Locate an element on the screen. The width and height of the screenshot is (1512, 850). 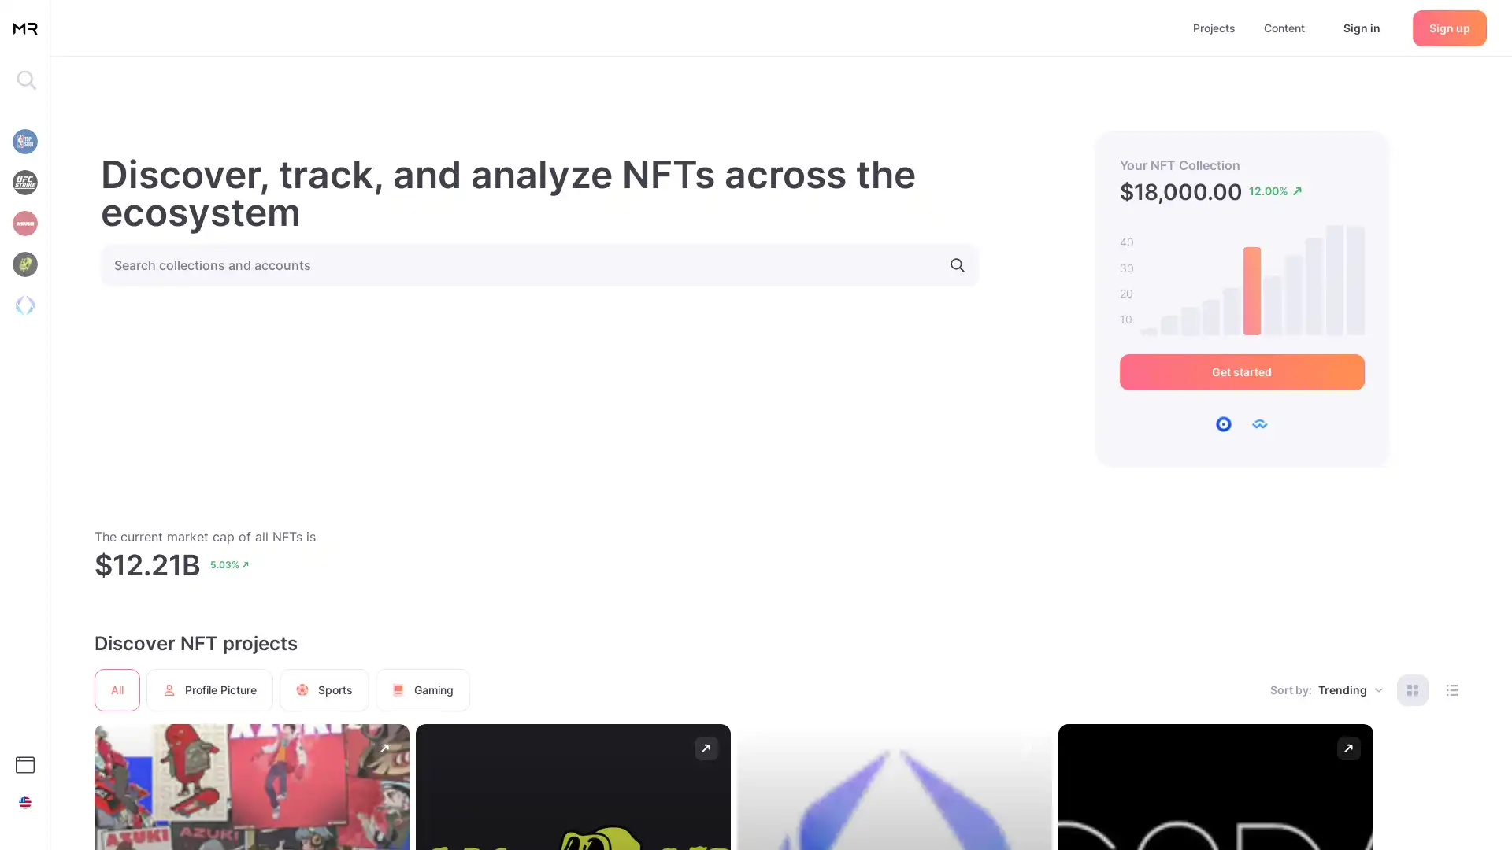
Sign up is located at coordinates (1449, 27).